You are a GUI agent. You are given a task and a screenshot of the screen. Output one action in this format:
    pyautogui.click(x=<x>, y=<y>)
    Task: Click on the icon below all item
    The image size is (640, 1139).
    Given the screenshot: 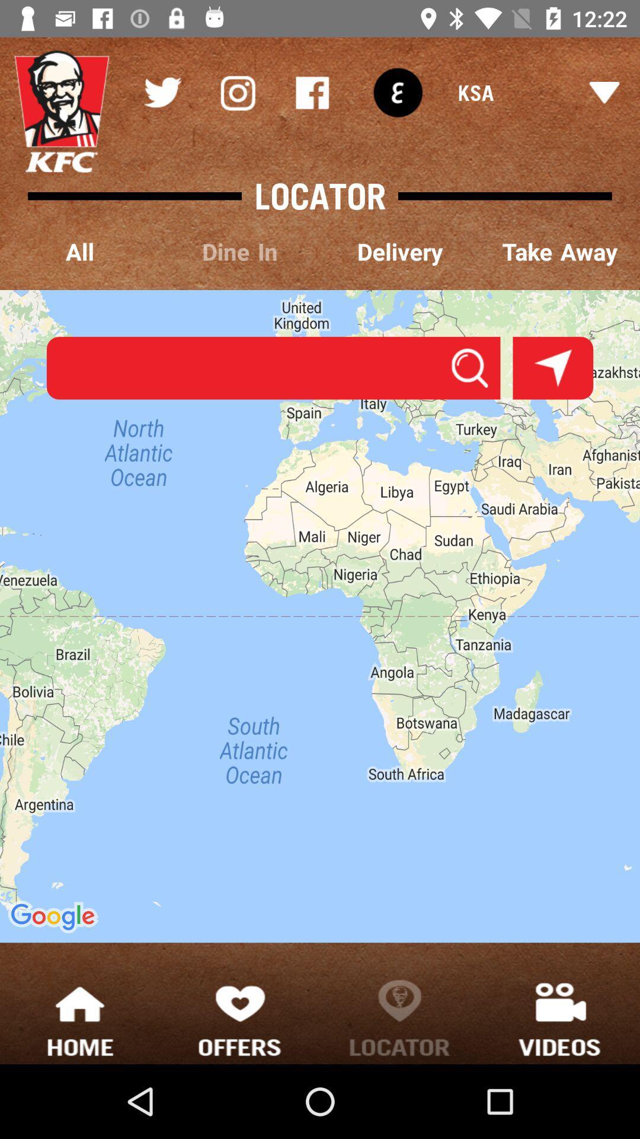 What is the action you would take?
    pyautogui.click(x=320, y=616)
    